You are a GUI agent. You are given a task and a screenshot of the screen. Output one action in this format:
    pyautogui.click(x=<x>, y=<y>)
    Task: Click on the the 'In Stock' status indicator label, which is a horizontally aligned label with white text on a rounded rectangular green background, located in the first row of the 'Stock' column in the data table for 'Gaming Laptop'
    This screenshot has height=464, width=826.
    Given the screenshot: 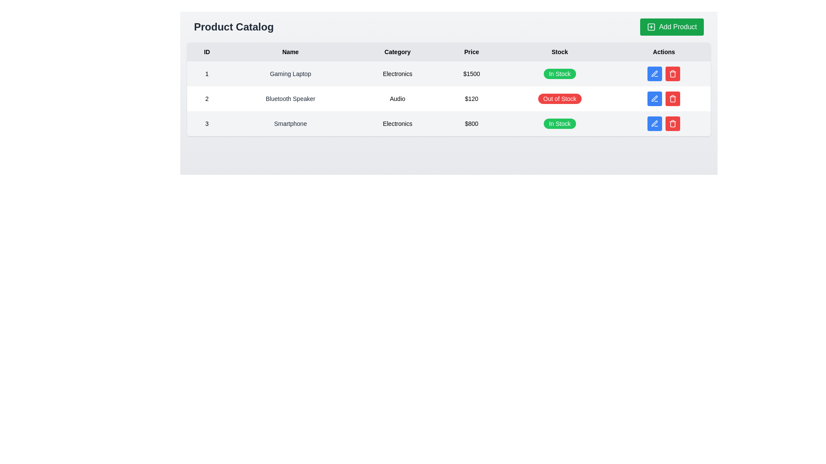 What is the action you would take?
    pyautogui.click(x=560, y=73)
    